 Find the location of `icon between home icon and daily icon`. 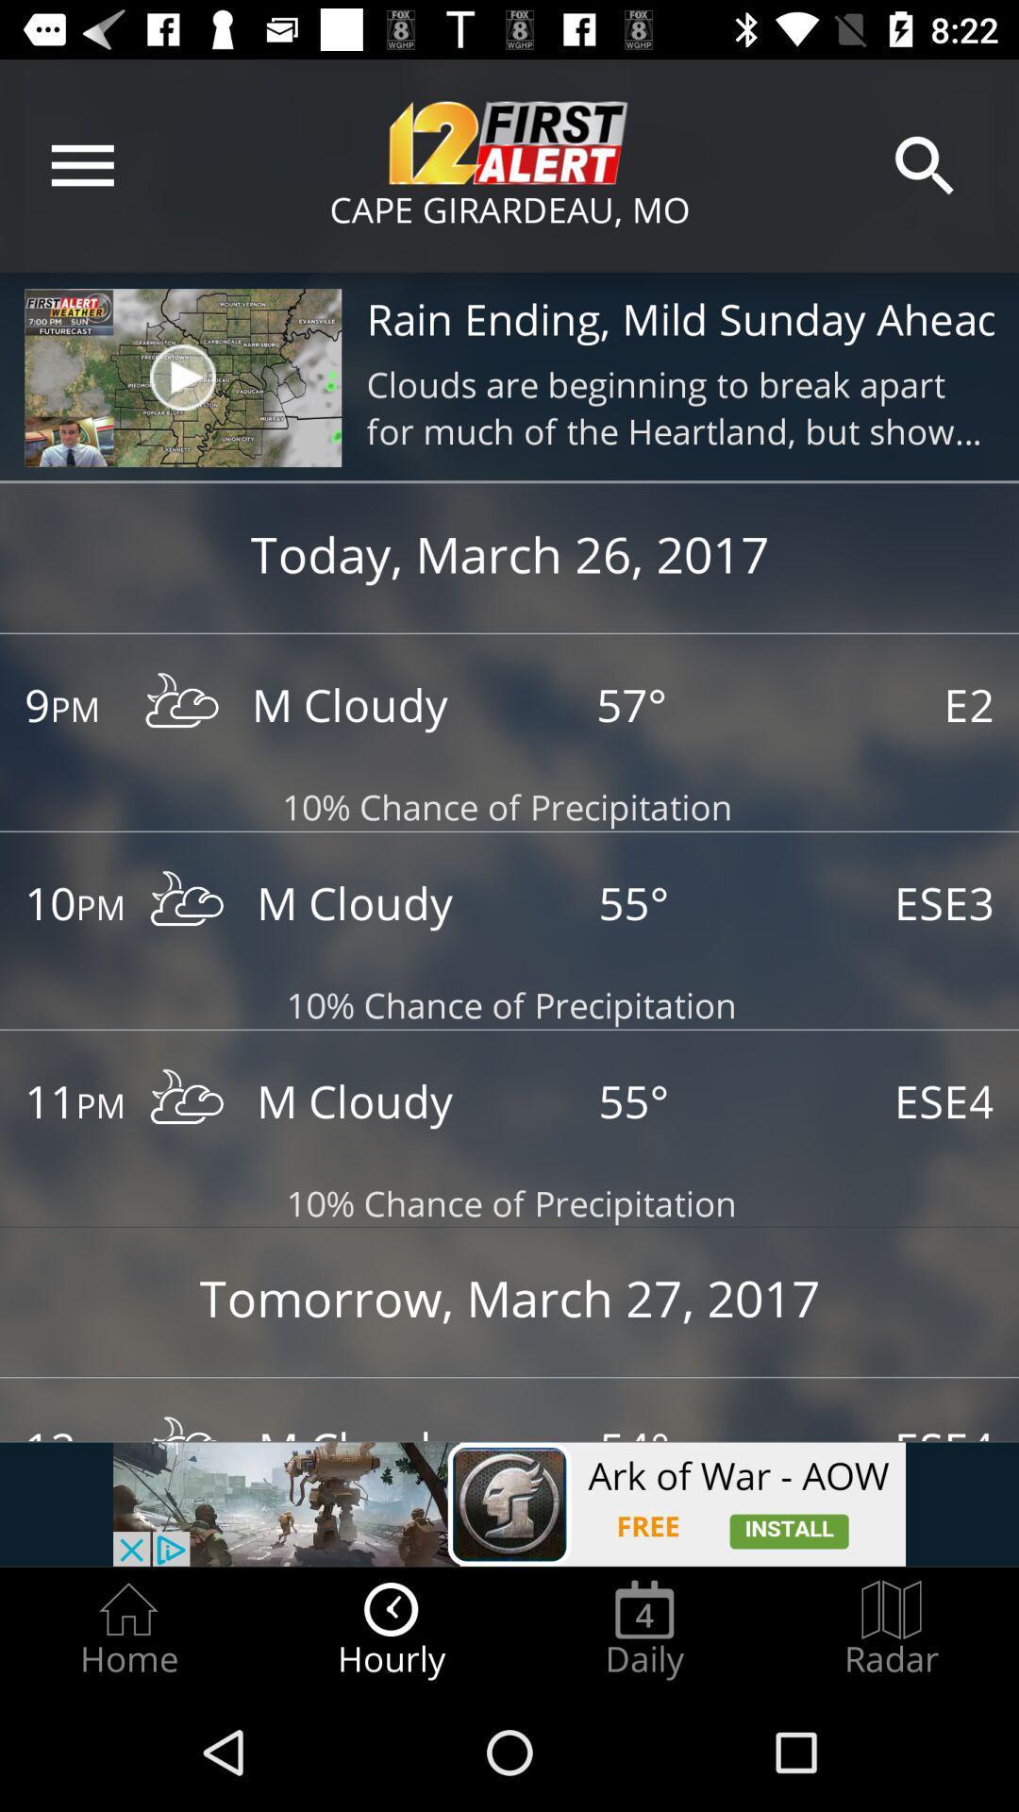

icon between home icon and daily icon is located at coordinates (391, 1629).